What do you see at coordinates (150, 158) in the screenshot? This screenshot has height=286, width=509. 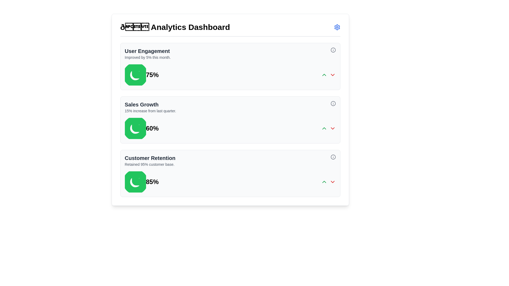 I see `the context represented` at bounding box center [150, 158].